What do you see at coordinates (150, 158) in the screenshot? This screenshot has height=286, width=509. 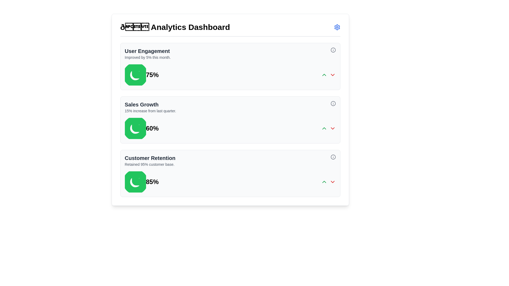 I see `the context represented` at bounding box center [150, 158].